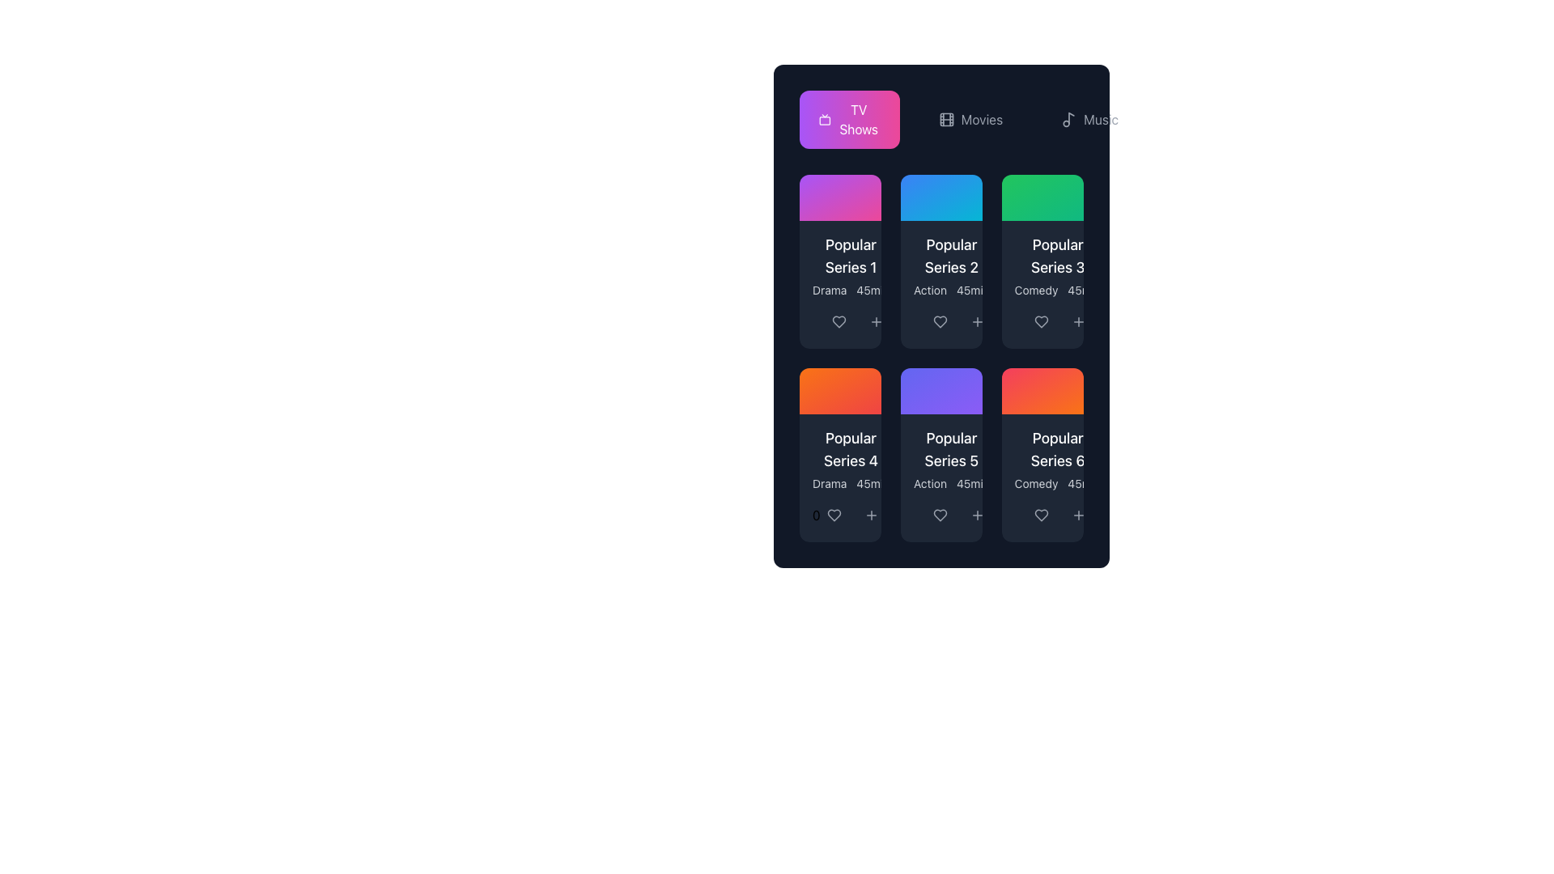 Image resolution: width=1554 pixels, height=874 pixels. Describe the element at coordinates (1041, 321) in the screenshot. I see `the heart icon located at the bottom center of the 'Popular Series 3' card` at that location.